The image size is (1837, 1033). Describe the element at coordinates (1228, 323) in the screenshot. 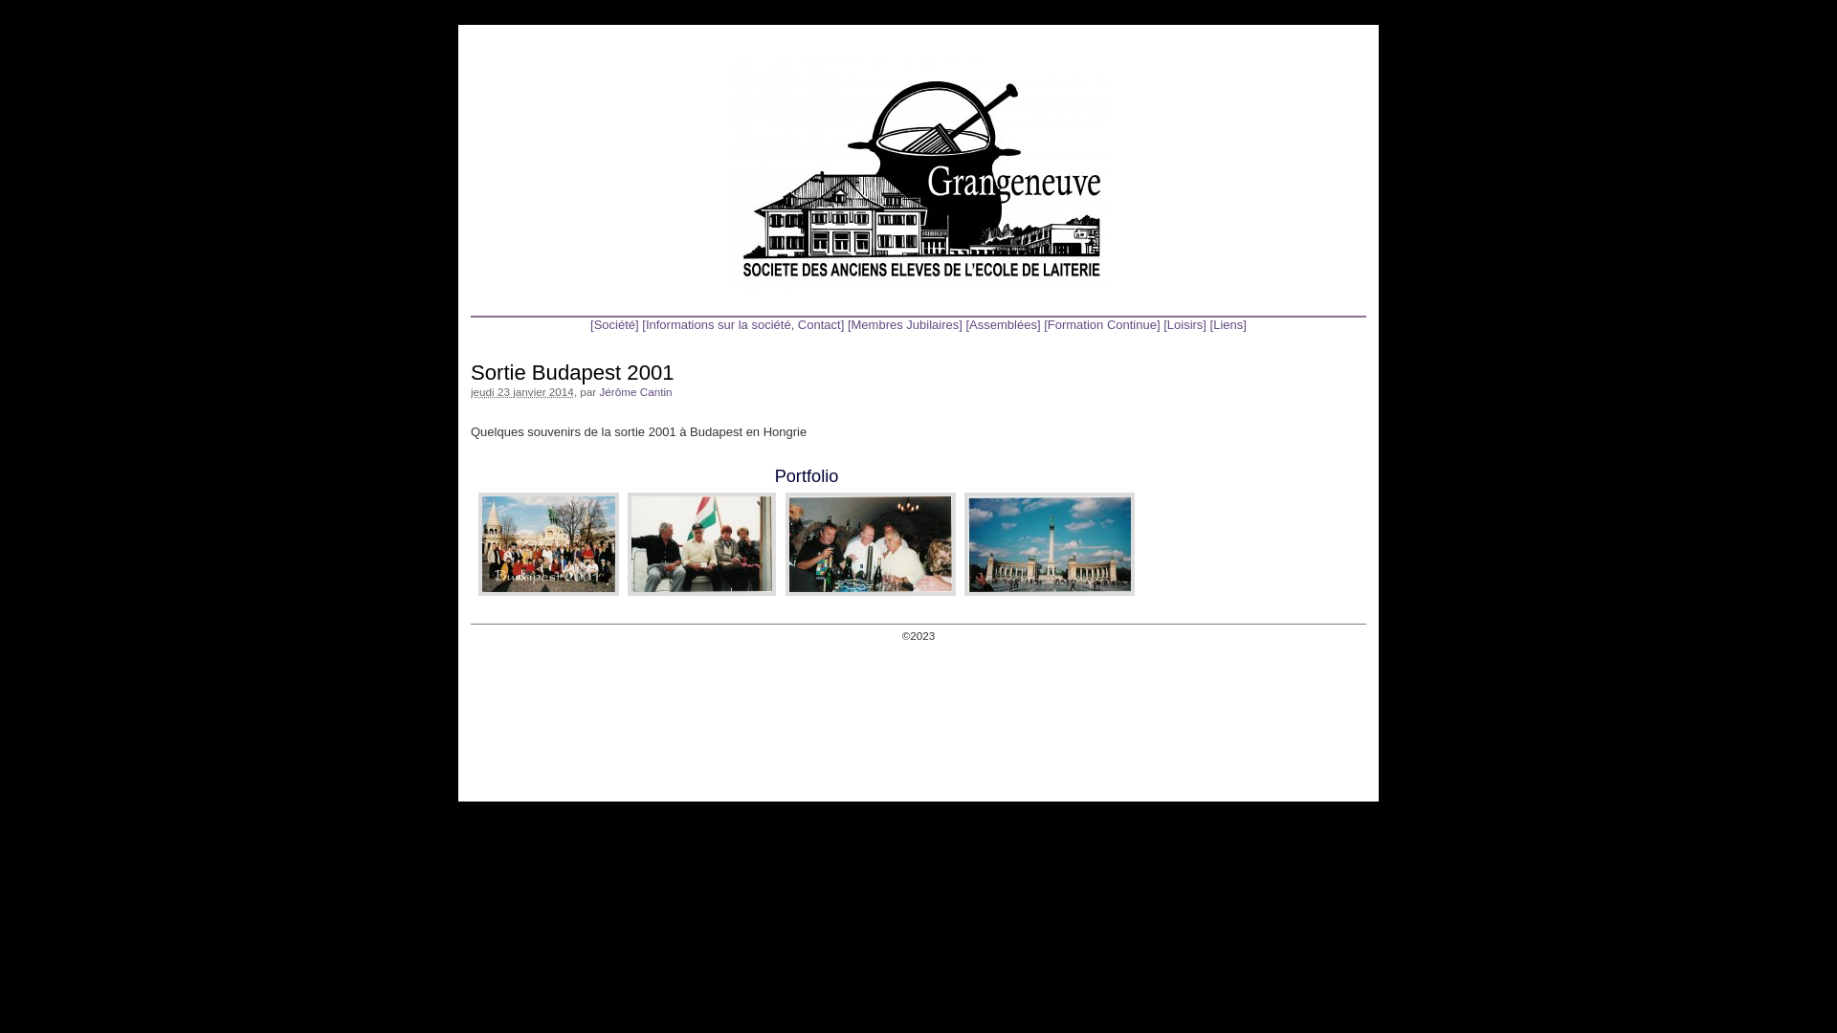

I see `'[Liens]'` at that location.